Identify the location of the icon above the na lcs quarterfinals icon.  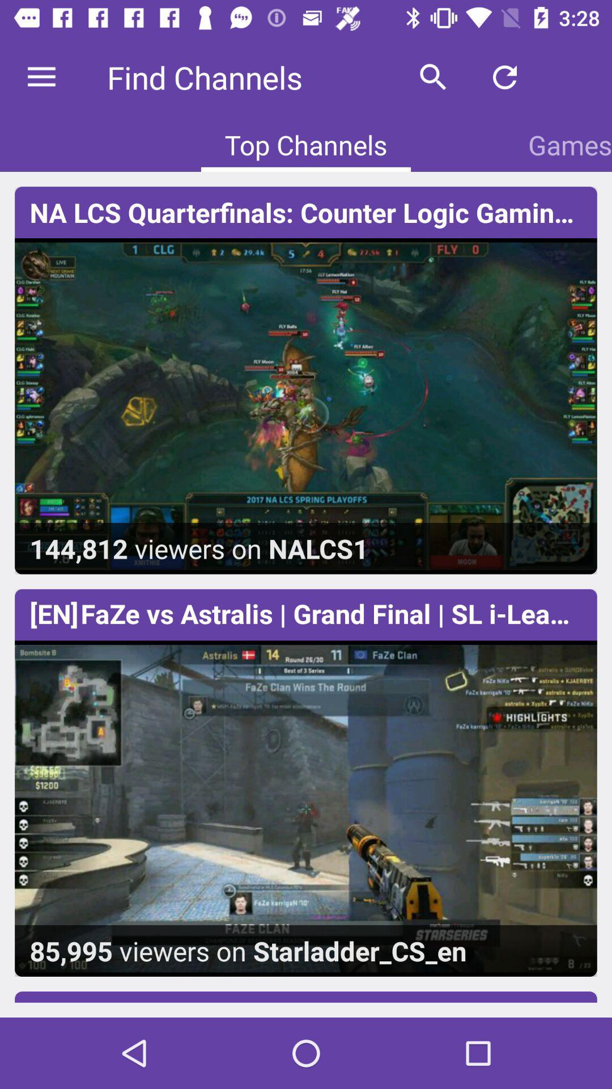
(570, 144).